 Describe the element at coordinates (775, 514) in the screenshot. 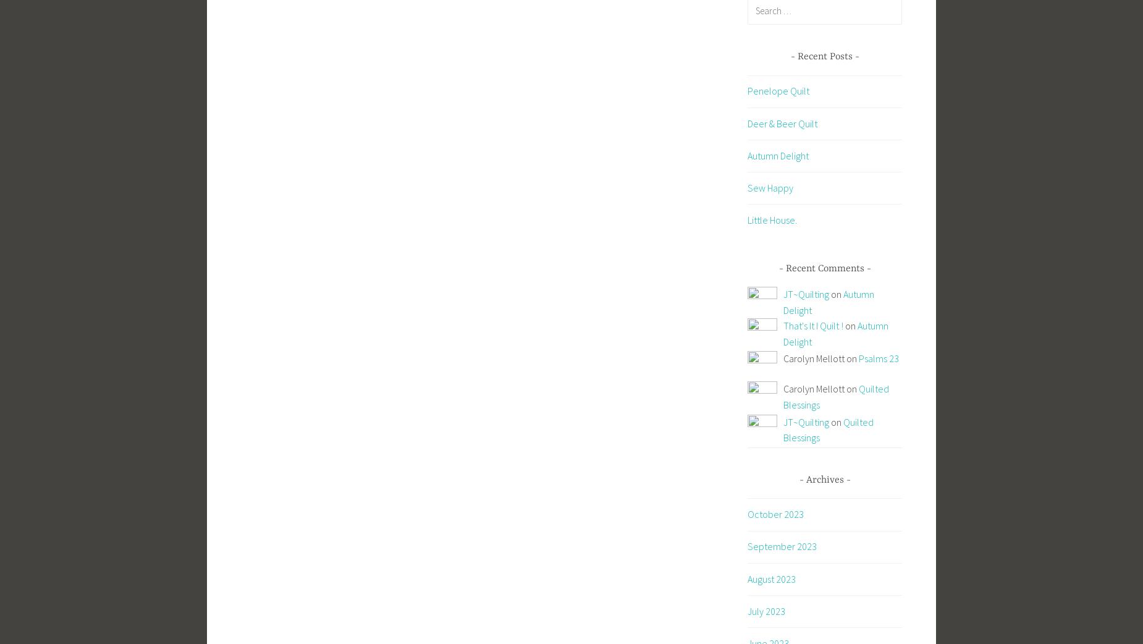

I see `'October 2023'` at that location.